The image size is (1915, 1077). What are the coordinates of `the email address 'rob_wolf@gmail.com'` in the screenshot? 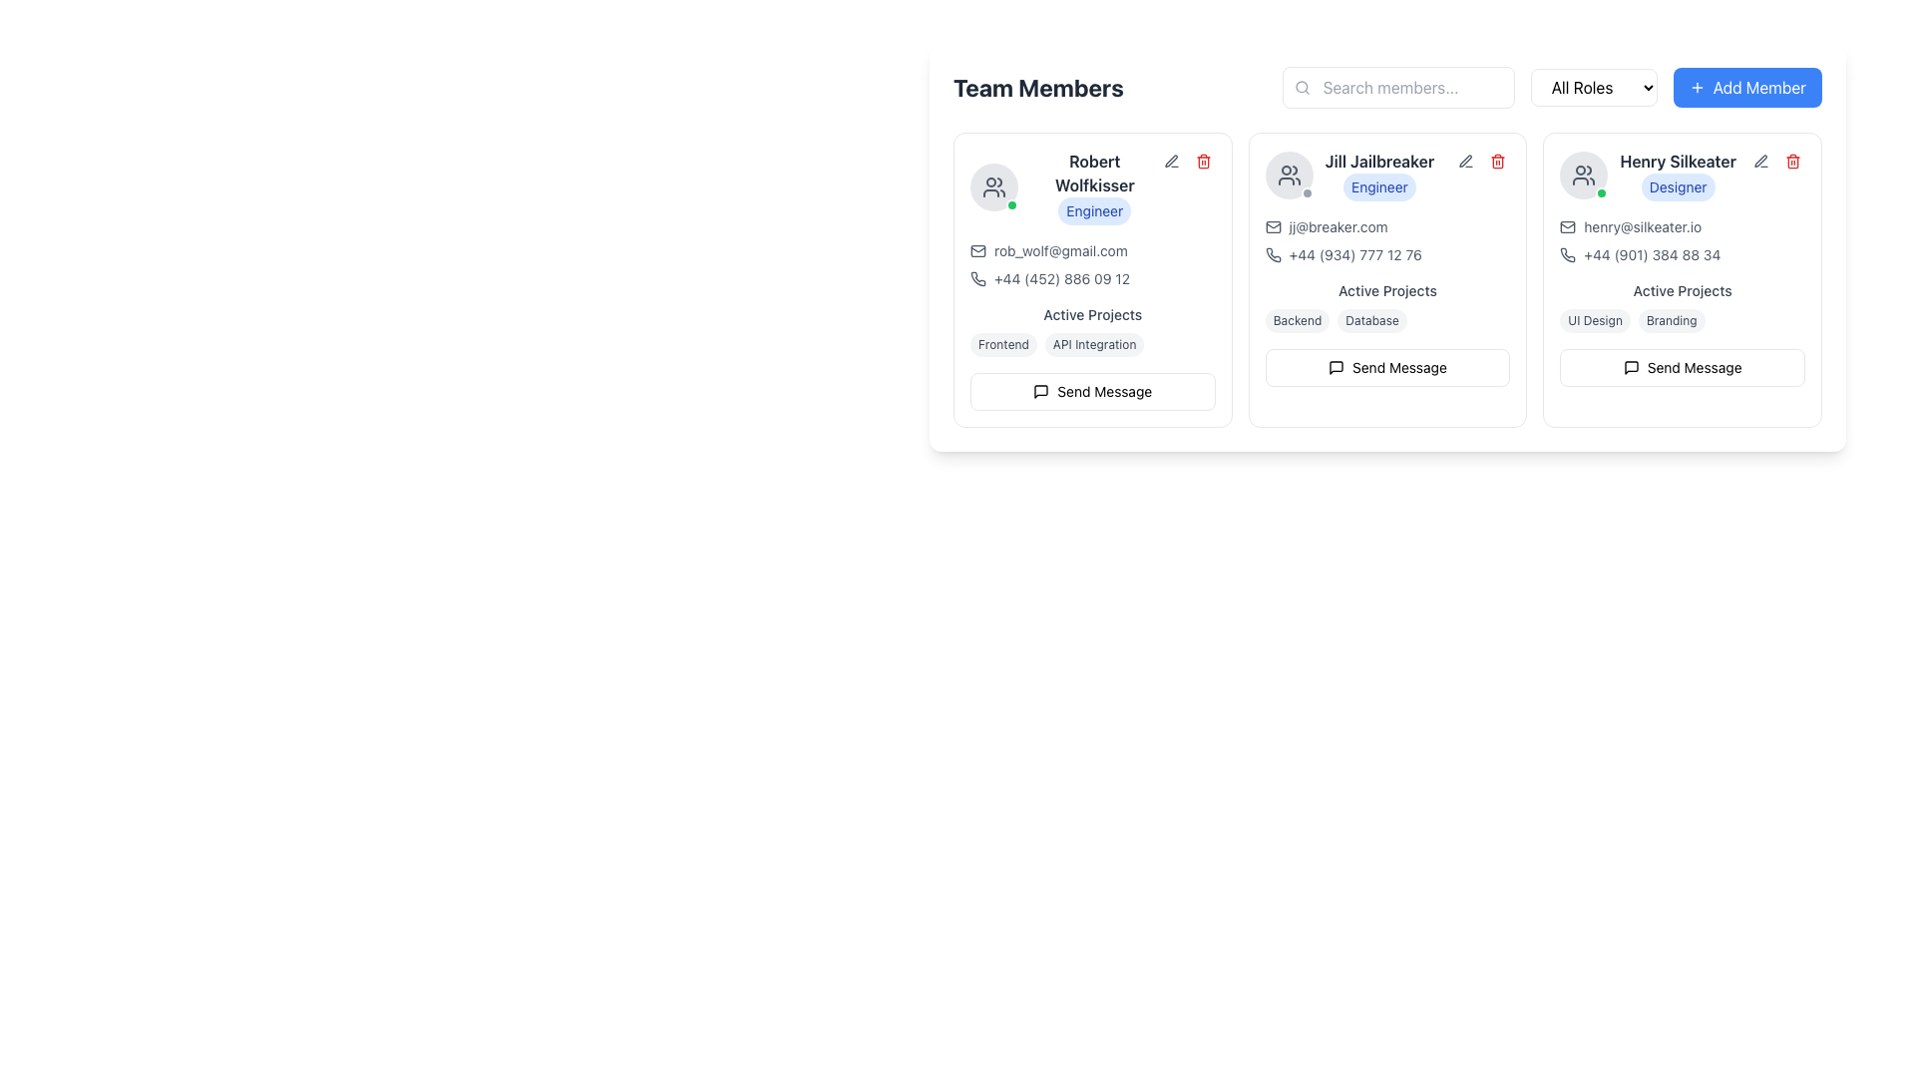 It's located at (1059, 249).